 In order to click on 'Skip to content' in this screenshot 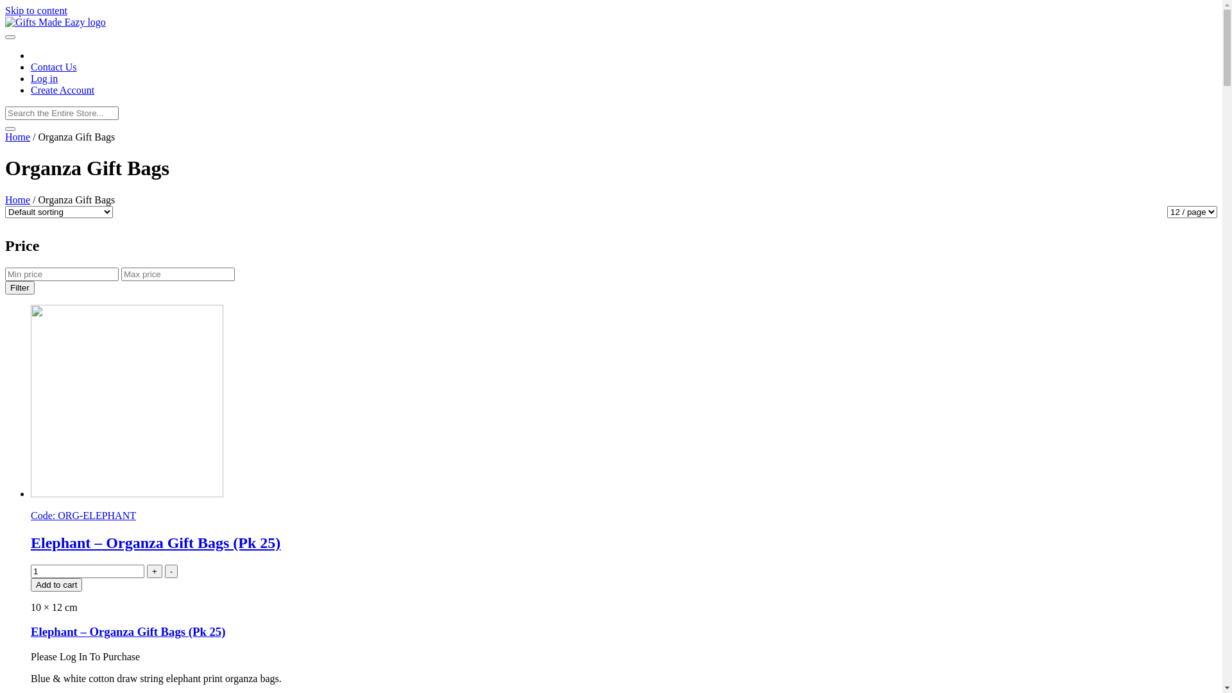, I will do `click(36, 10)`.